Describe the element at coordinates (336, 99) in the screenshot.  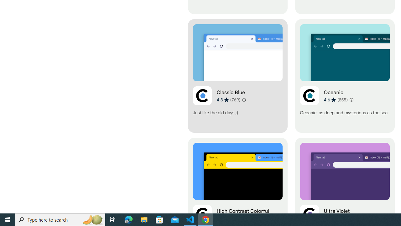
I see `'Average rating 4.6 out of 5 stars. 855 ratings.'` at that location.